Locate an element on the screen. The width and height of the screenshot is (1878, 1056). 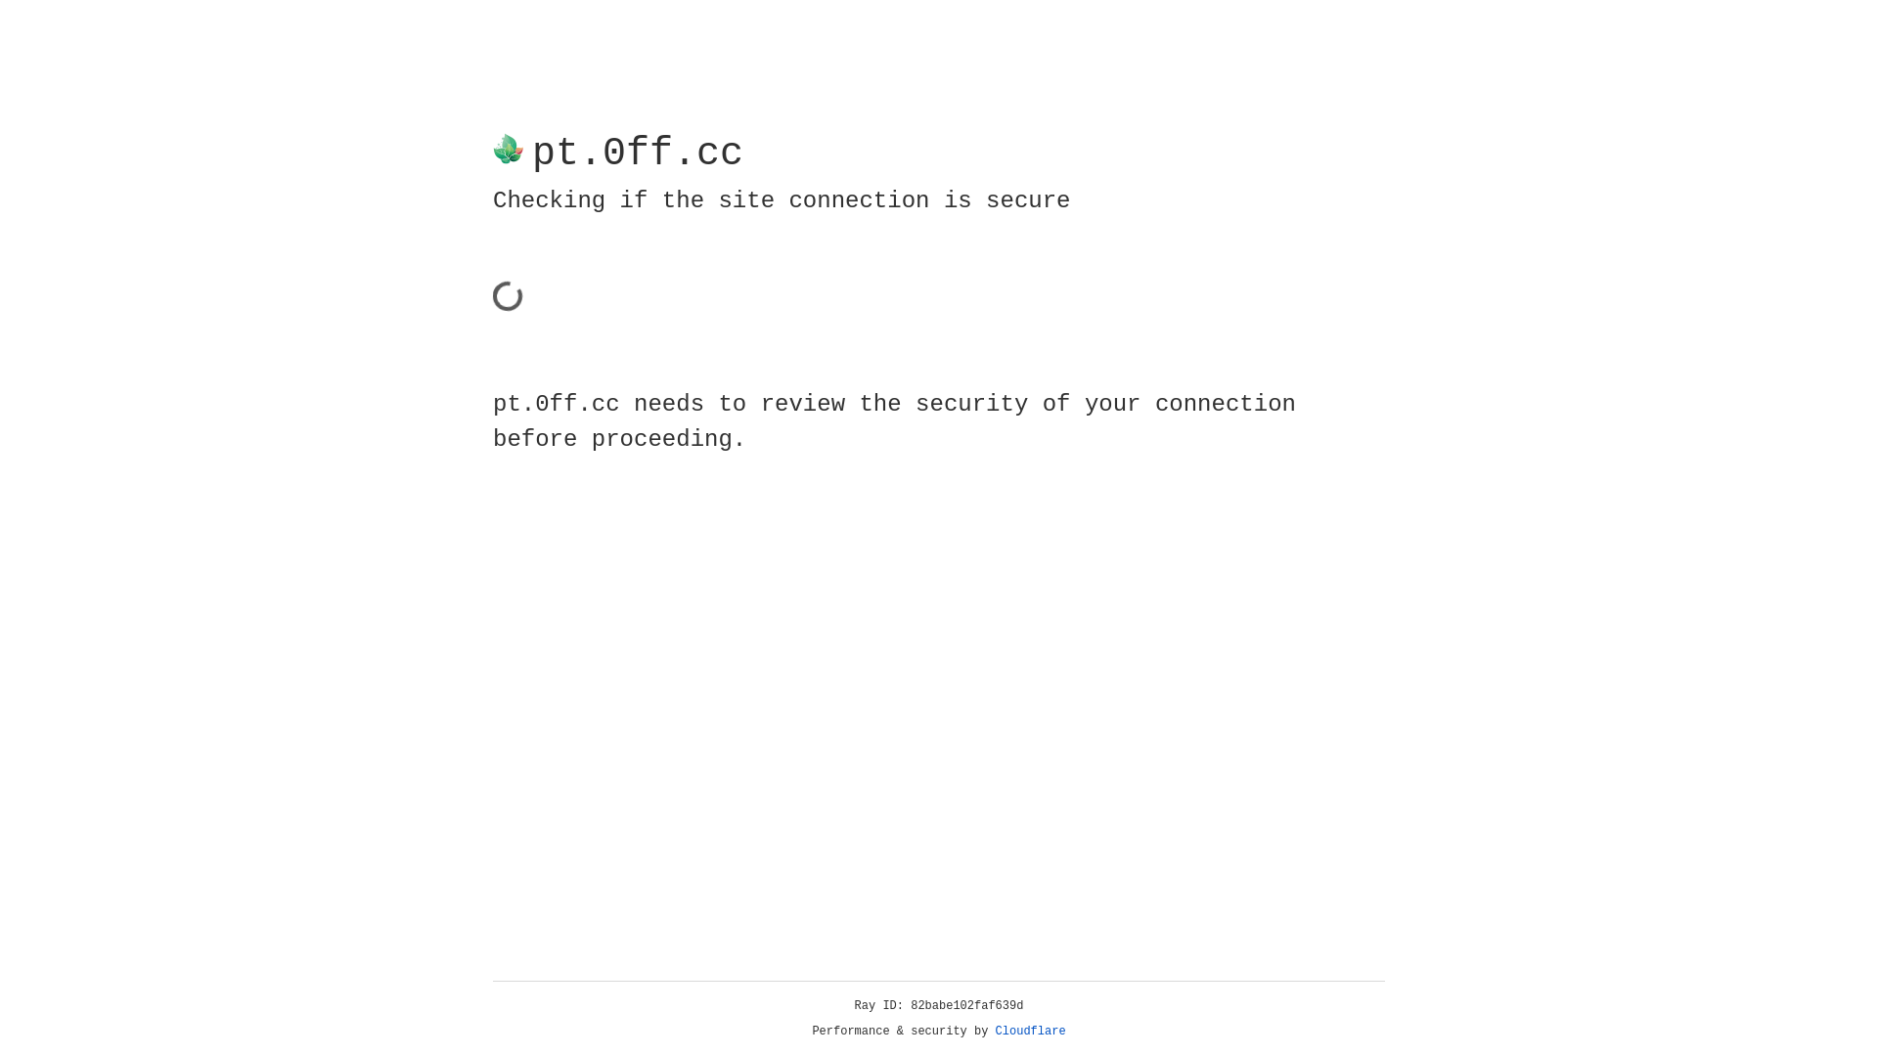
'Cloudflare' is located at coordinates (995, 1031).